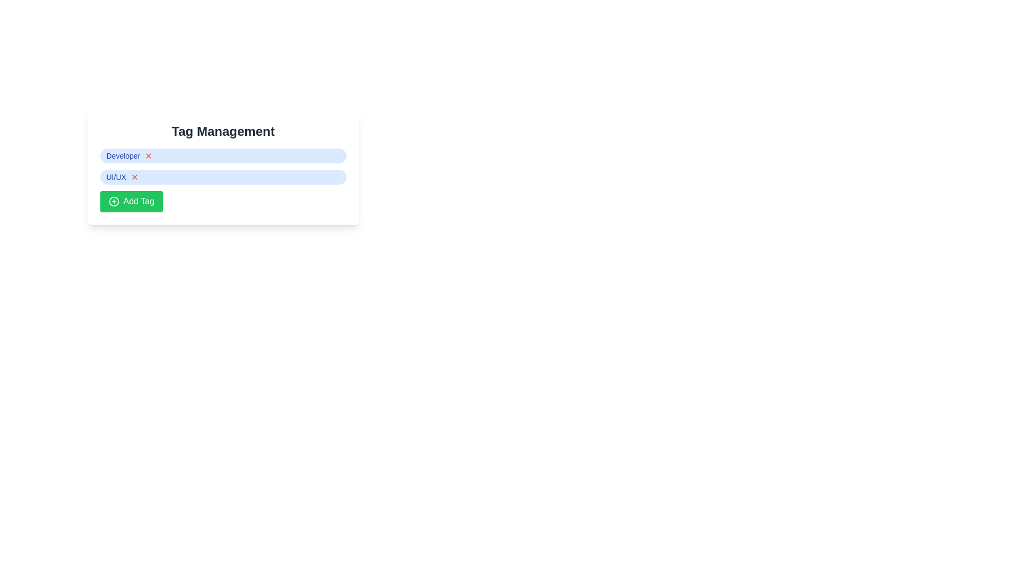 This screenshot has width=1019, height=573. Describe the element at coordinates (114, 202) in the screenshot. I see `the icon located to the left of the 'Add Tag' button at the bottom of the interface` at that location.